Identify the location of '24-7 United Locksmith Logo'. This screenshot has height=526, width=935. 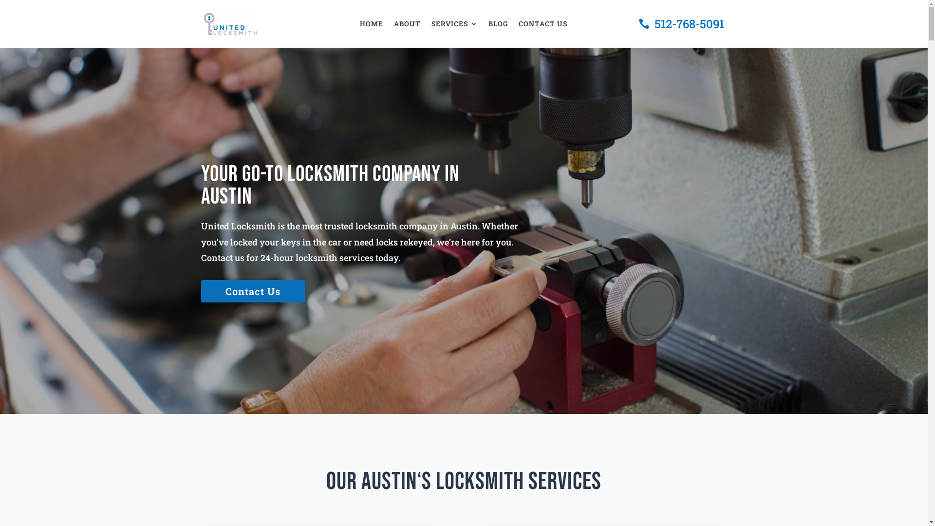
(230, 23).